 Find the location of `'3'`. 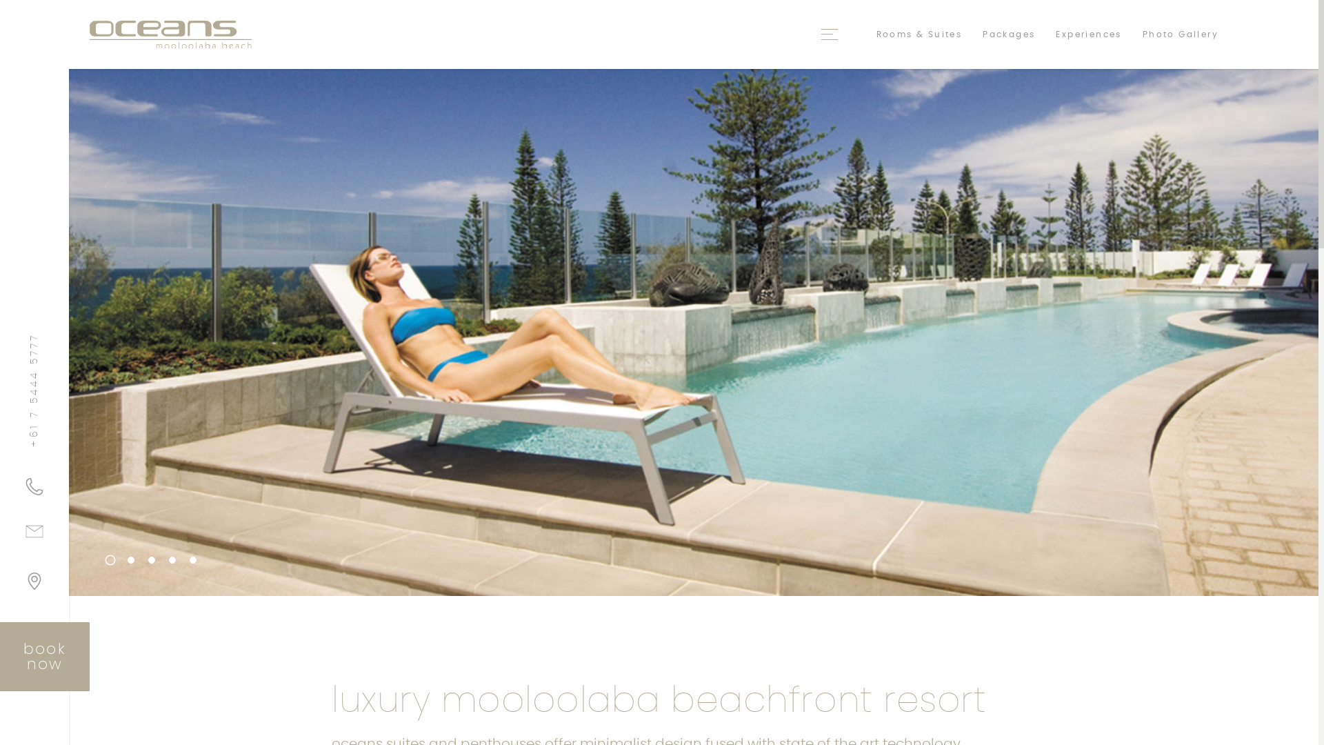

'3' is located at coordinates (152, 560).